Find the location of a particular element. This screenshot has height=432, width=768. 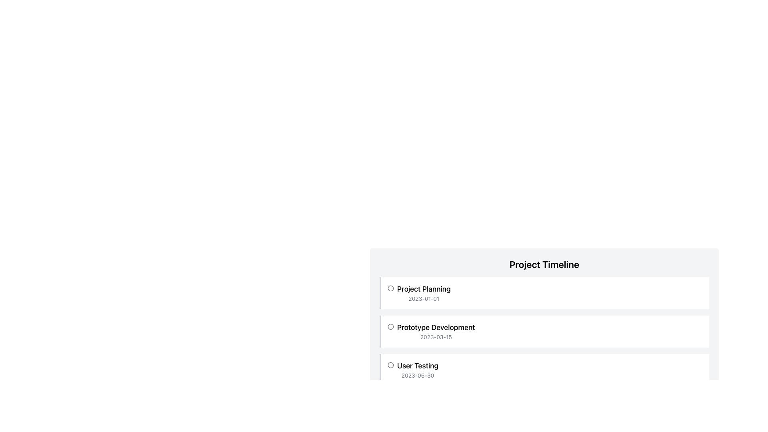

the second timeline entry in the list, which provides information about a specific timeline event, positioned between 'Project Planning' and 'User Testing' is located at coordinates (545, 332).